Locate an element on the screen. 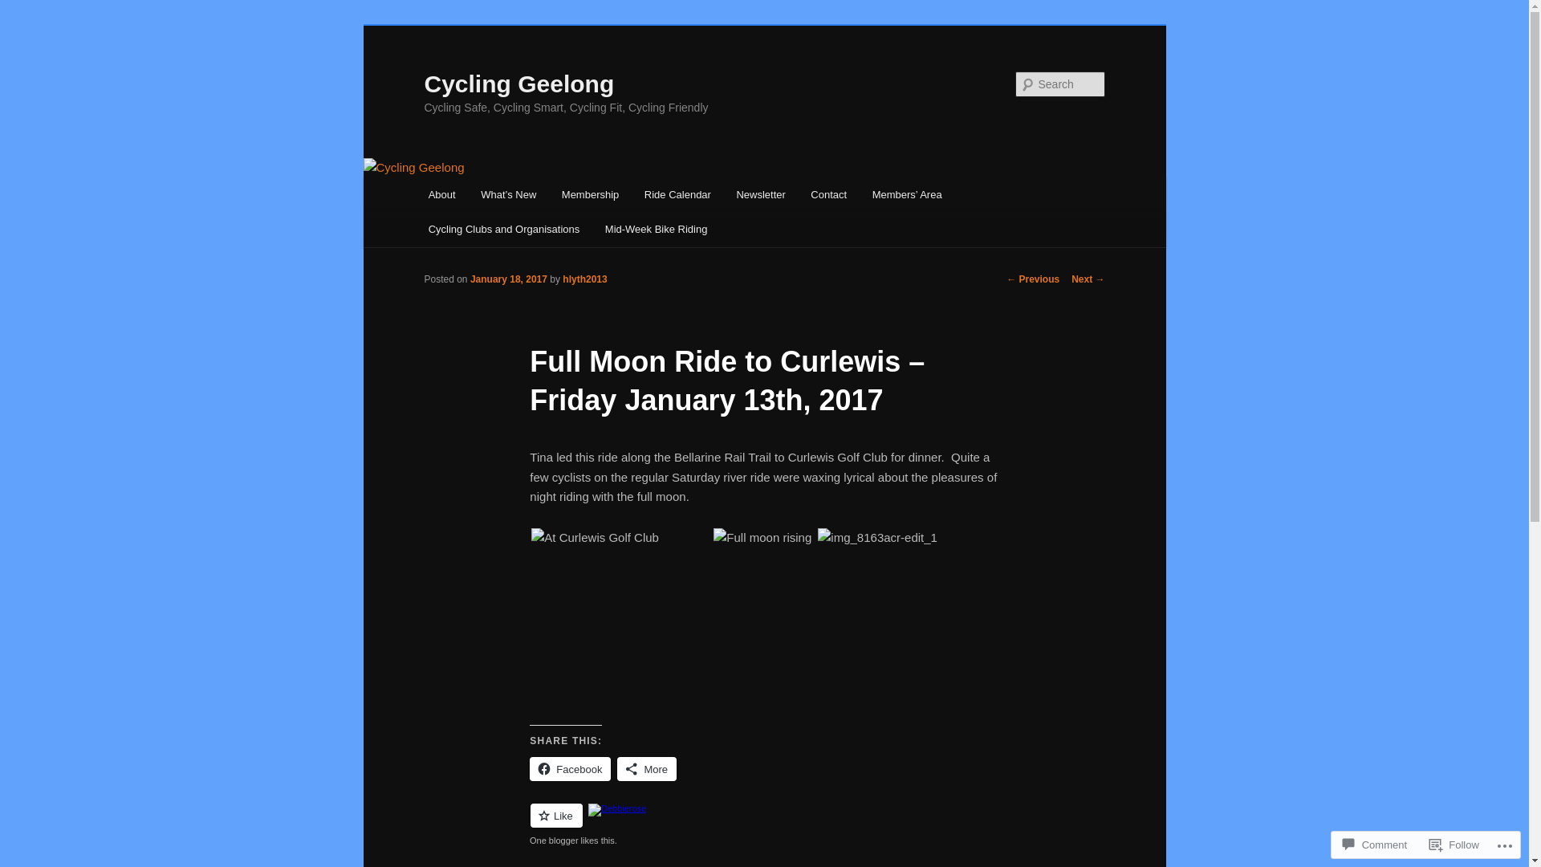  'January 18, 2017' is located at coordinates (507, 278).